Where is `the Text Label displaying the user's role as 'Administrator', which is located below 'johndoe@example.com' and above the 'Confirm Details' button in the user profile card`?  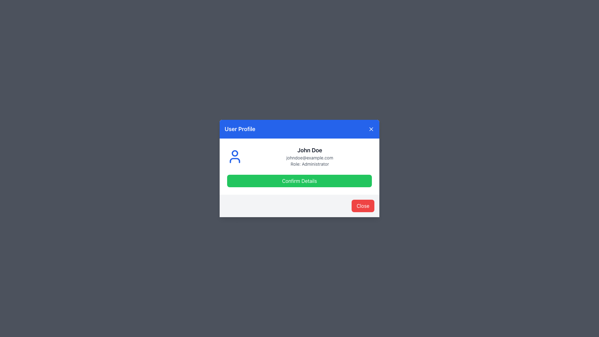
the Text Label displaying the user's role as 'Administrator', which is located below 'johndoe@example.com' and above the 'Confirm Details' button in the user profile card is located at coordinates (310, 164).